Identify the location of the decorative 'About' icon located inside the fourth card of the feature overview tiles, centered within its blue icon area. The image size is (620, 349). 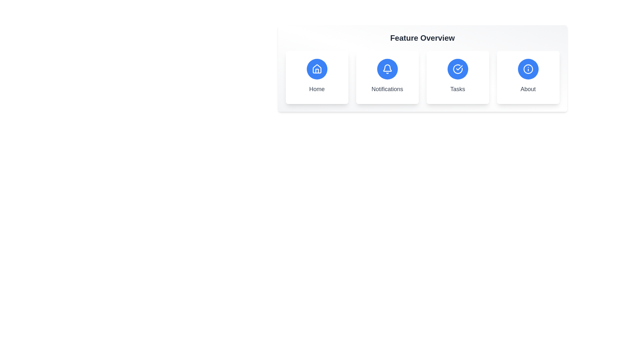
(528, 69).